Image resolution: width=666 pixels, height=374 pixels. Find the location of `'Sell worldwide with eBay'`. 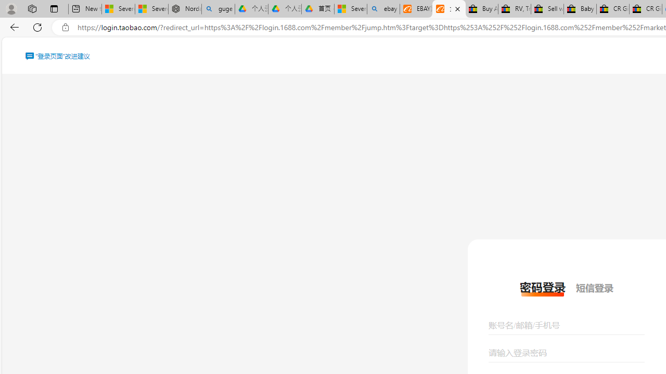

'Sell worldwide with eBay' is located at coordinates (547, 9).